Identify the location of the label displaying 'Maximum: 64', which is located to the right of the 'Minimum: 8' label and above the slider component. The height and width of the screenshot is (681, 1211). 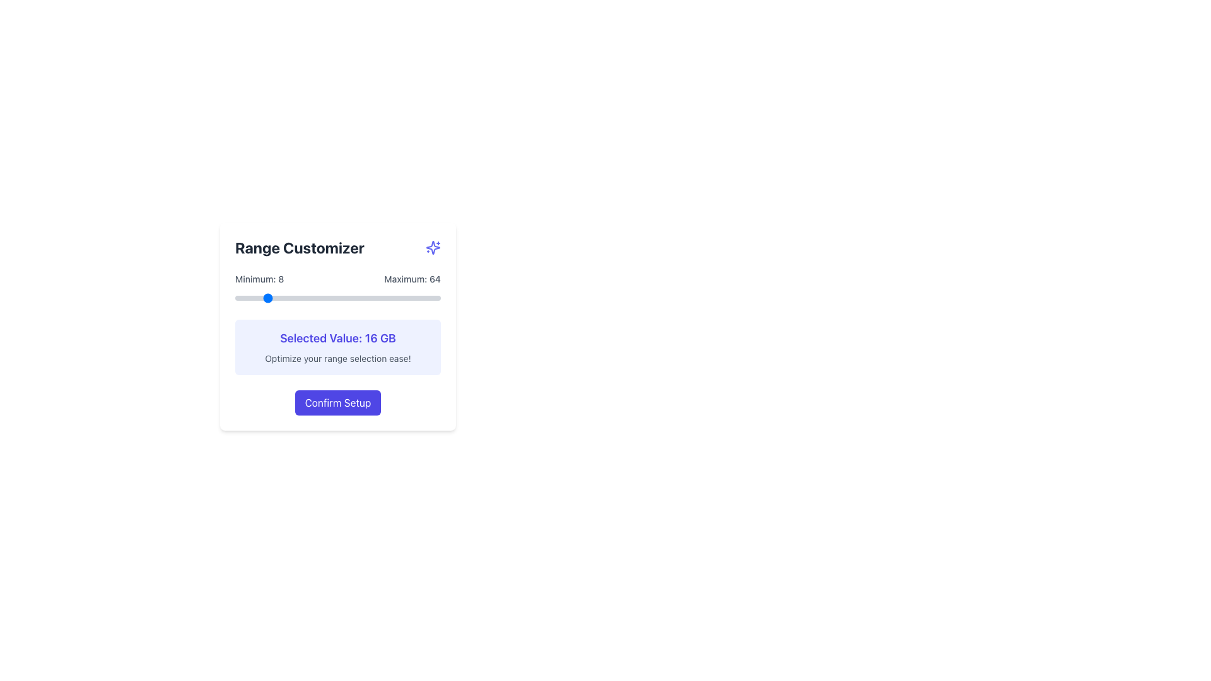
(412, 279).